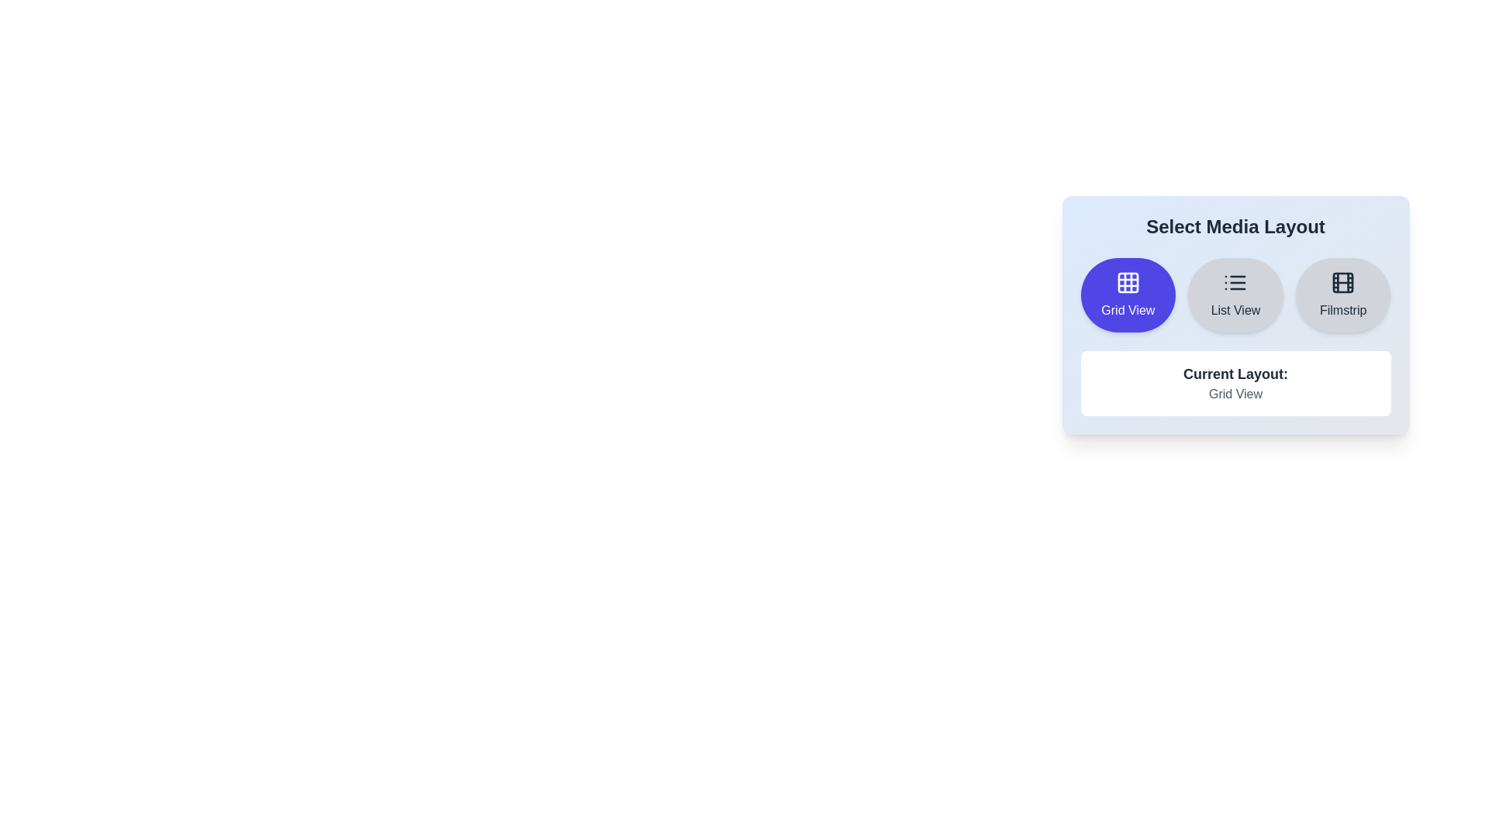  What do you see at coordinates (1235, 295) in the screenshot?
I see `the media layout by clicking on the List View button` at bounding box center [1235, 295].